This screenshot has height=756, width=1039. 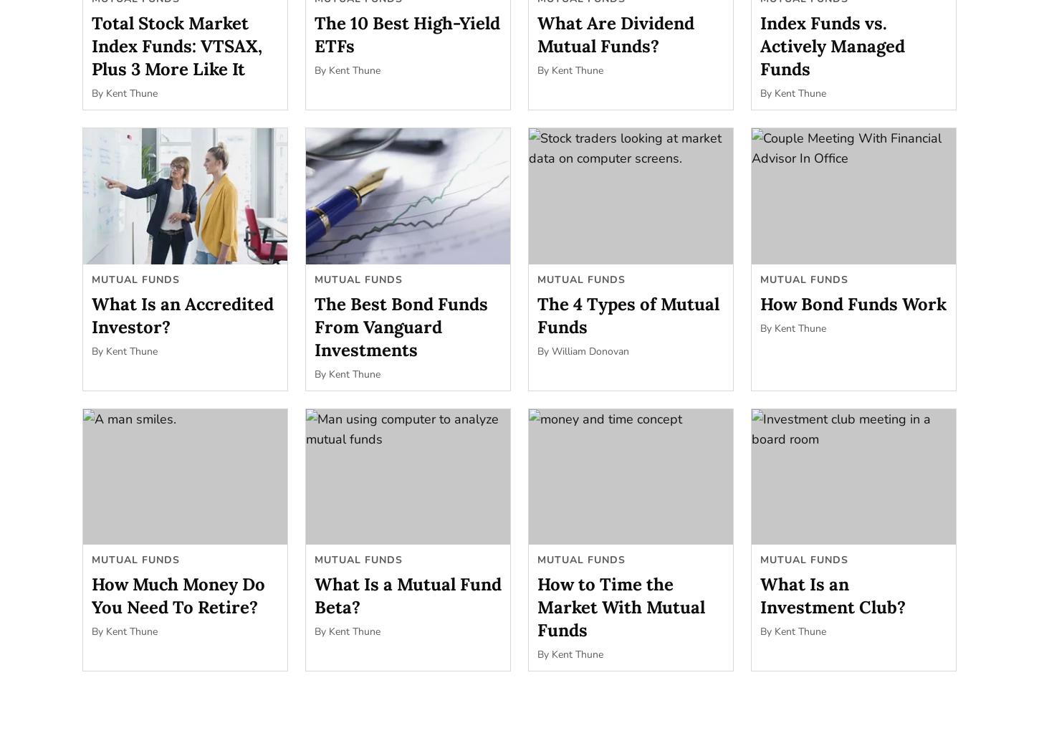 What do you see at coordinates (760, 44) in the screenshot?
I see `'Index Funds vs. Actively Managed Funds'` at bounding box center [760, 44].